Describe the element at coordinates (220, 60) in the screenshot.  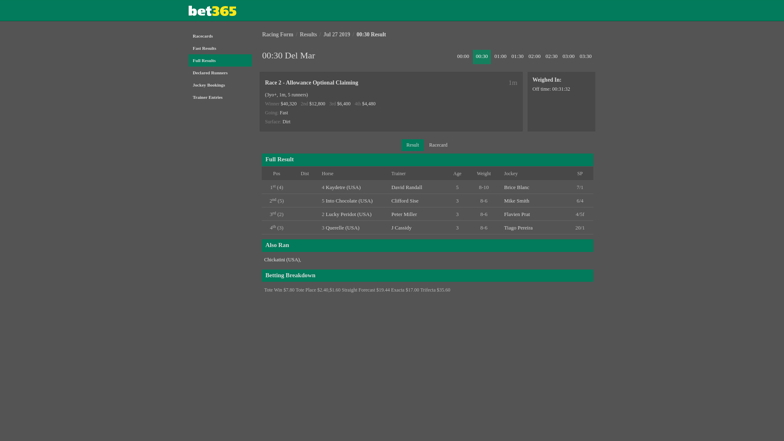
I see `'Full Results'` at that location.